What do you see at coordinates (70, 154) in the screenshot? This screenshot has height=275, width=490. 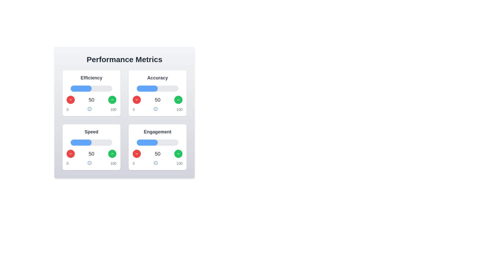 I see `the button located in the lower left area of the 'Speed' metric panel to decrease the displayed value of '50'` at bounding box center [70, 154].